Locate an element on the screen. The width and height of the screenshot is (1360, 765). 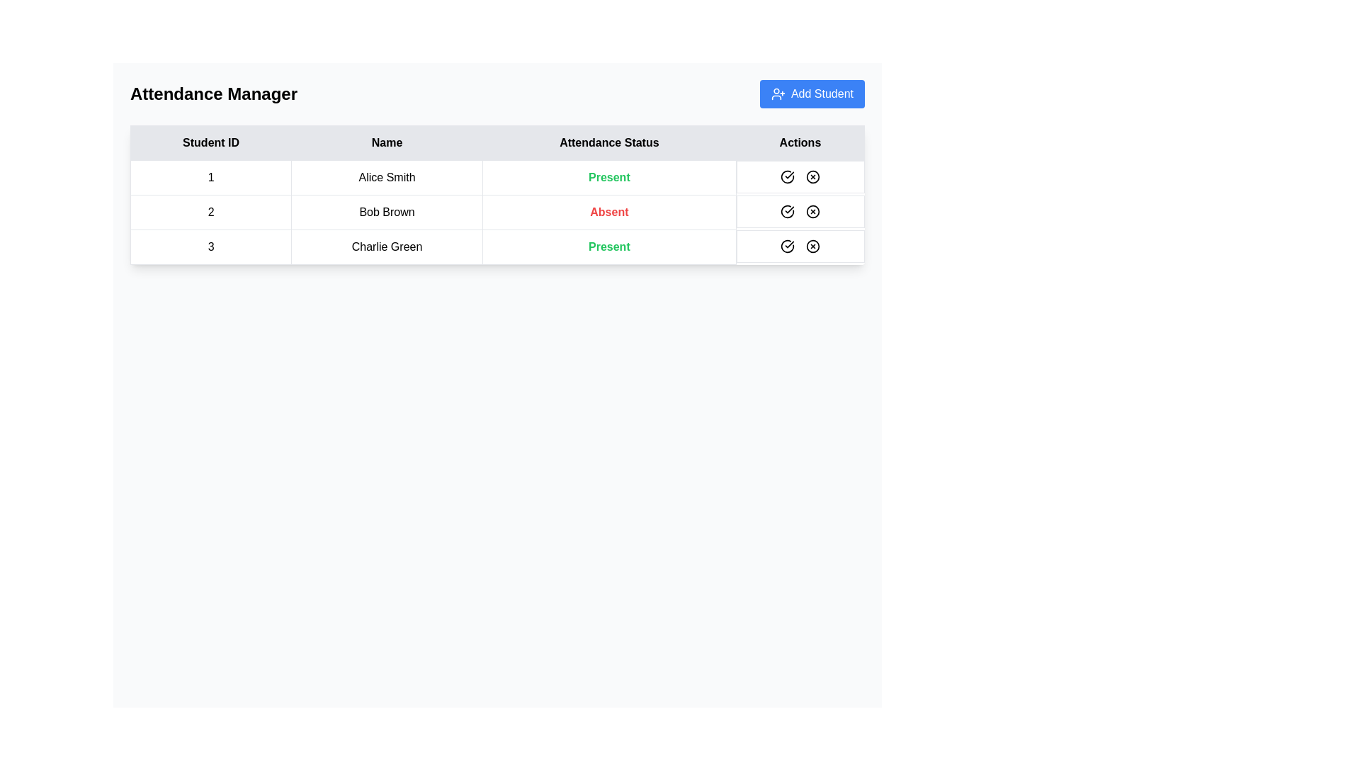
the 'Actions' table header cell, which is located at the top-right corner of the table and is the fourth header among 'Student ID', 'Name', and 'Attendance Status' is located at coordinates (800, 142).